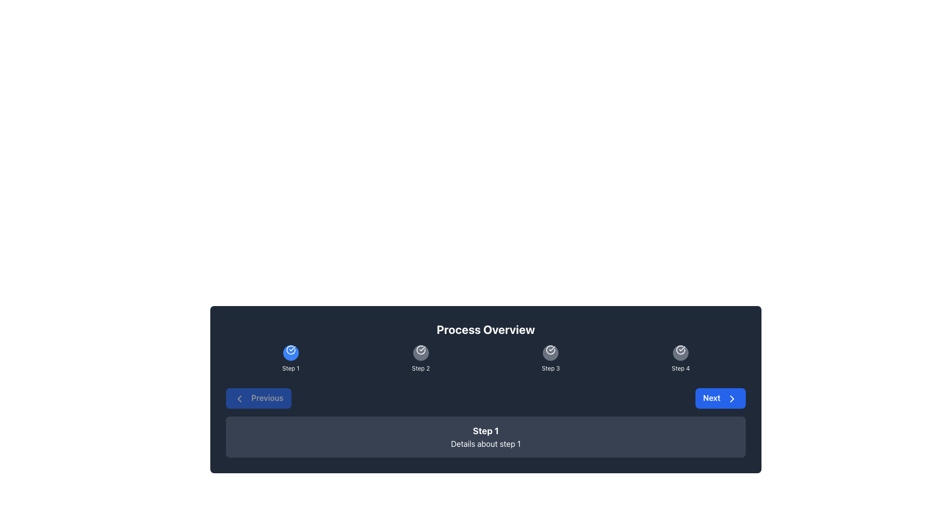  Describe the element at coordinates (486, 436) in the screenshot. I see `text in the informational card styled for step details, which contains 'Step 1' in bold and 'Details about step 1' in regular font` at that location.